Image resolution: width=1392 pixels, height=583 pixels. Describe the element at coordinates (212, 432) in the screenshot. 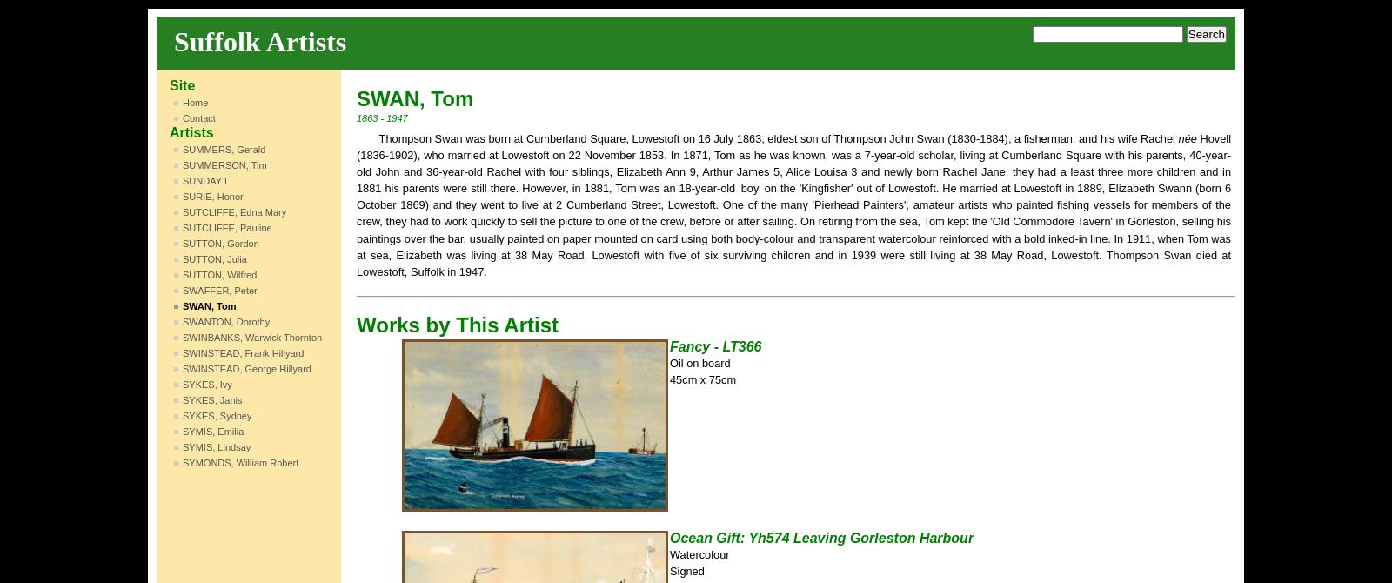

I see `'SYMIS, Emilia'` at that location.